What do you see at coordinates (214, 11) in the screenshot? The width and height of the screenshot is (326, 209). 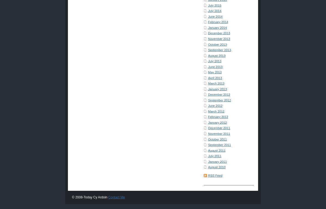 I see `'July 2014'` at bounding box center [214, 11].